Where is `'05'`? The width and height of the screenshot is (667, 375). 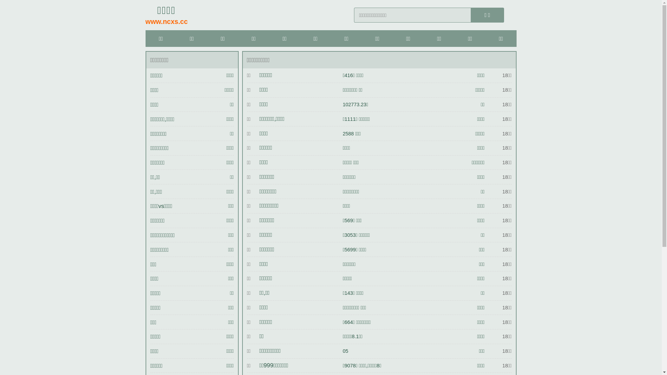
'05' is located at coordinates (345, 351).